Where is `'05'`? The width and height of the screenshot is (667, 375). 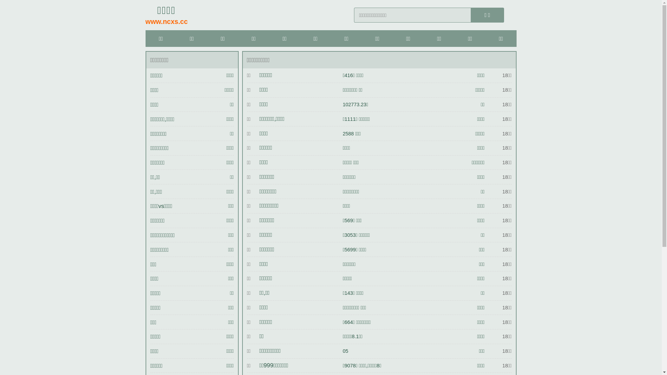
'05' is located at coordinates (345, 351).